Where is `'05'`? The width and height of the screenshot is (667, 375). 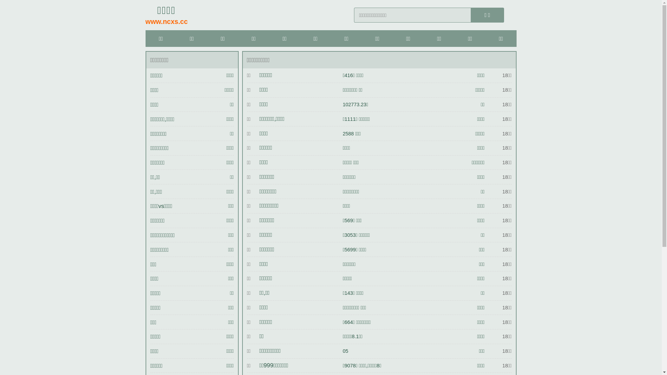
'05' is located at coordinates (345, 351).